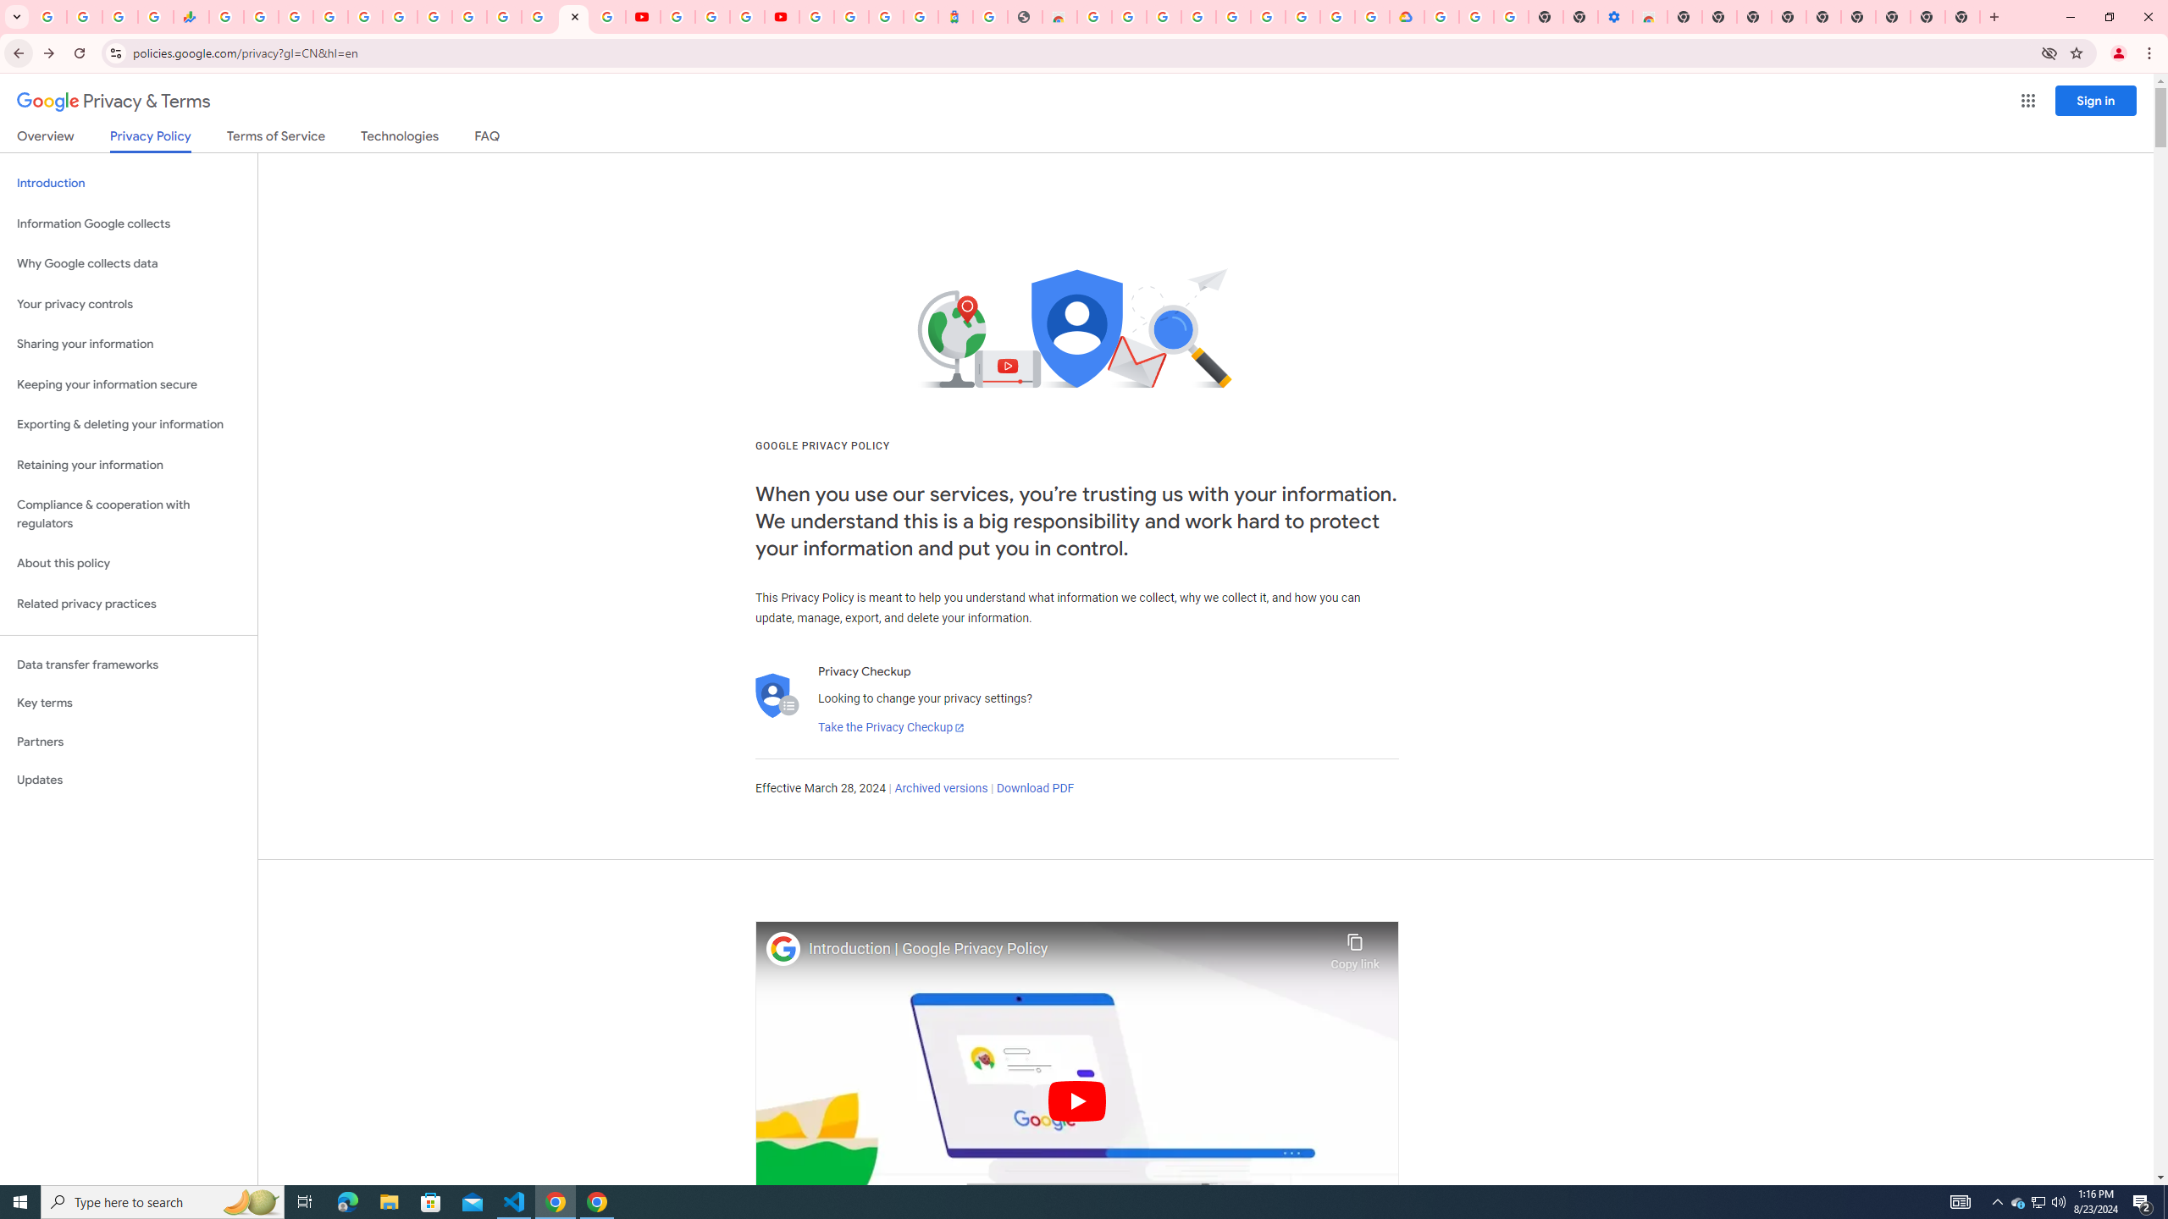 This screenshot has width=2168, height=1219. Describe the element at coordinates (128, 665) in the screenshot. I see `'Data transfer frameworks'` at that location.